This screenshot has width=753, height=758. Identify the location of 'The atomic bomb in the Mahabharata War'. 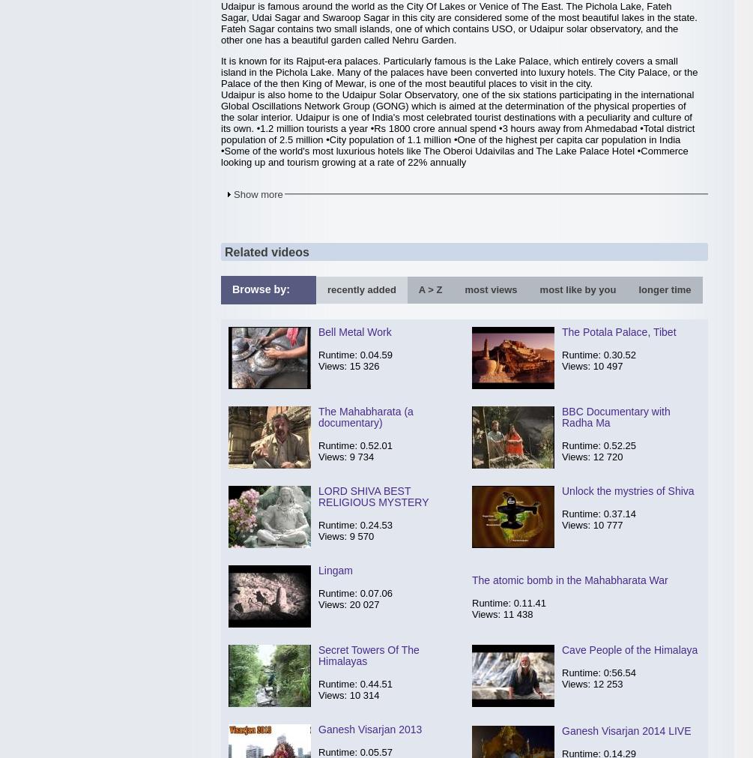
(569, 580).